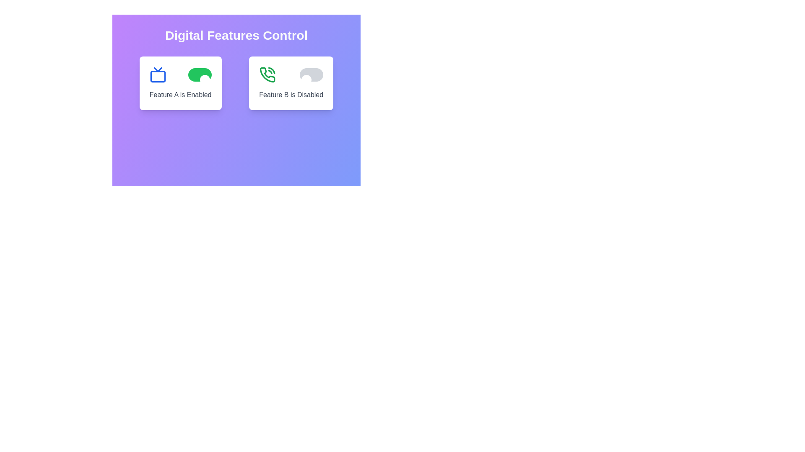 The image size is (805, 452). Describe the element at coordinates (199, 74) in the screenshot. I see `the toggle switch located in the middle-right area of the left card, below the television icon and above the text 'Feature A is Enabled'` at that location.